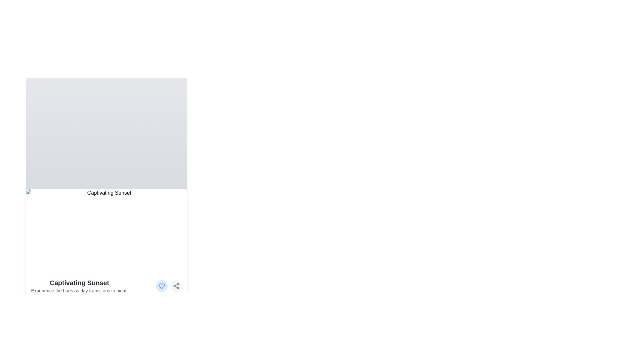 The height and width of the screenshot is (354, 630). What do you see at coordinates (79, 285) in the screenshot?
I see `the text block titled 'Captivating Sunset'` at bounding box center [79, 285].